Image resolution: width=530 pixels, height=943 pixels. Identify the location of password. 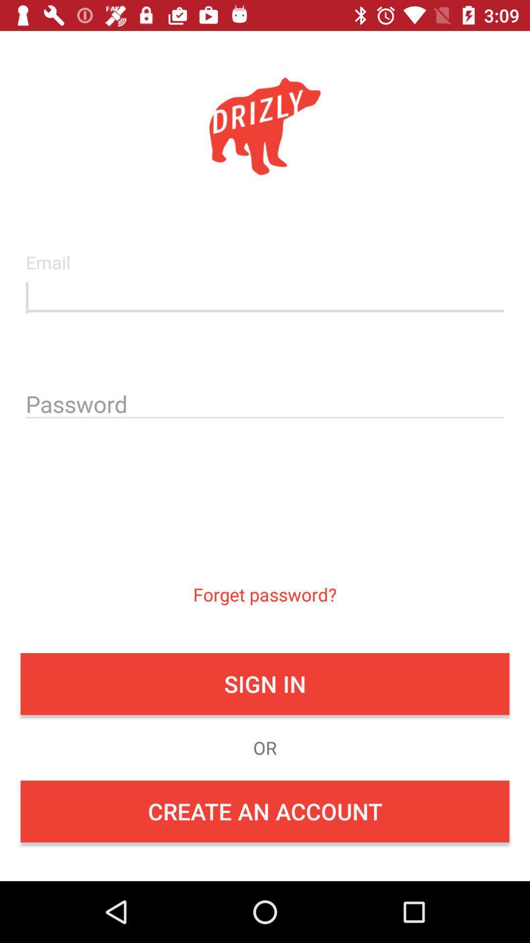
(265, 402).